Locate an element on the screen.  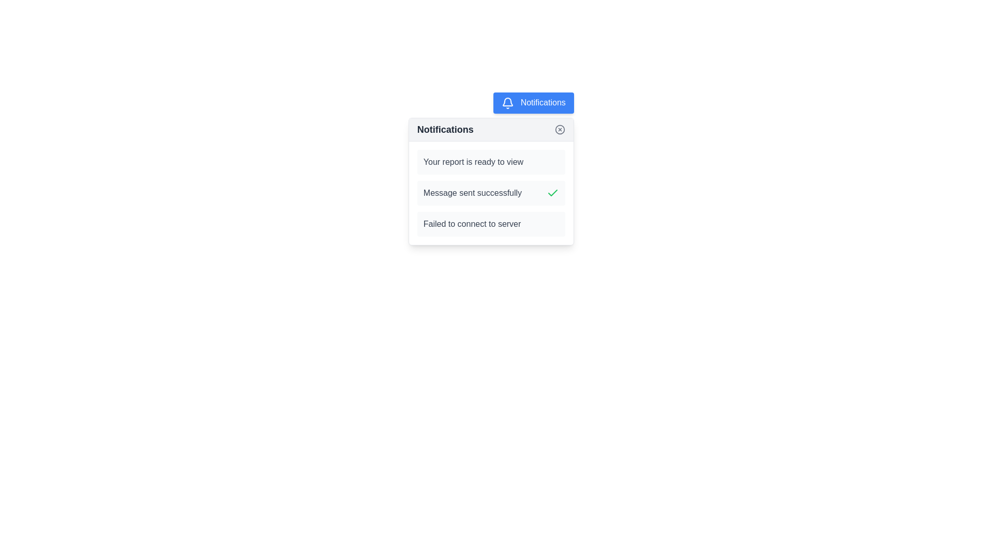
the text label displaying the message 'Your report is ready is located at coordinates (473, 162).